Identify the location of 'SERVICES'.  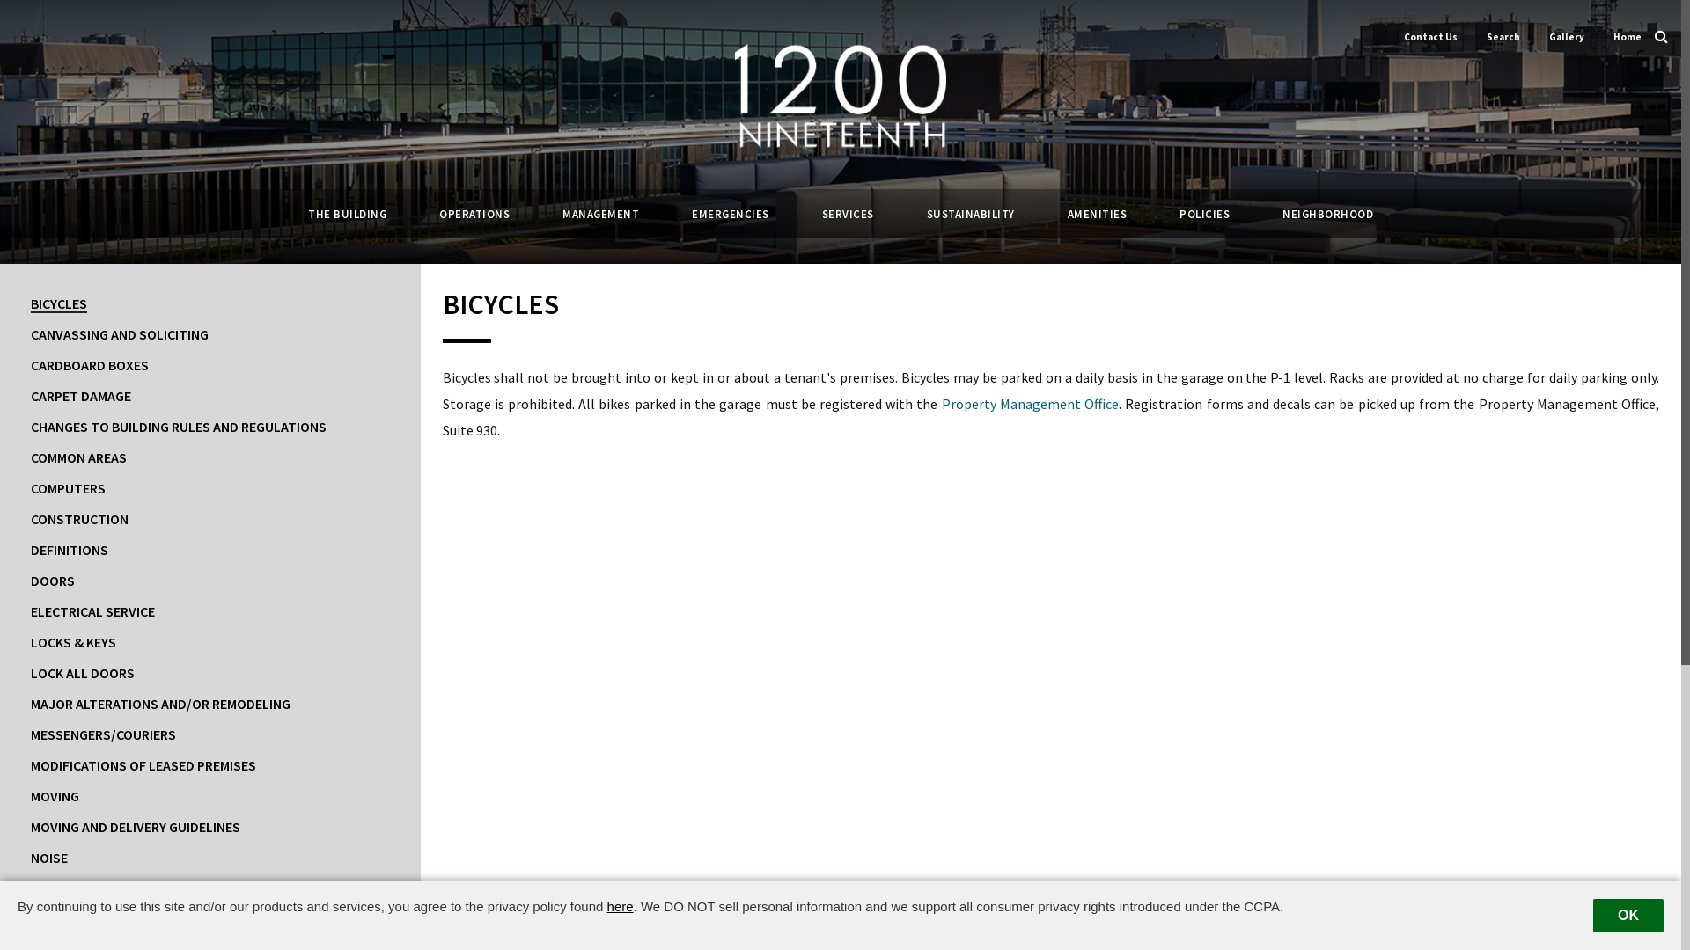
(821, 213).